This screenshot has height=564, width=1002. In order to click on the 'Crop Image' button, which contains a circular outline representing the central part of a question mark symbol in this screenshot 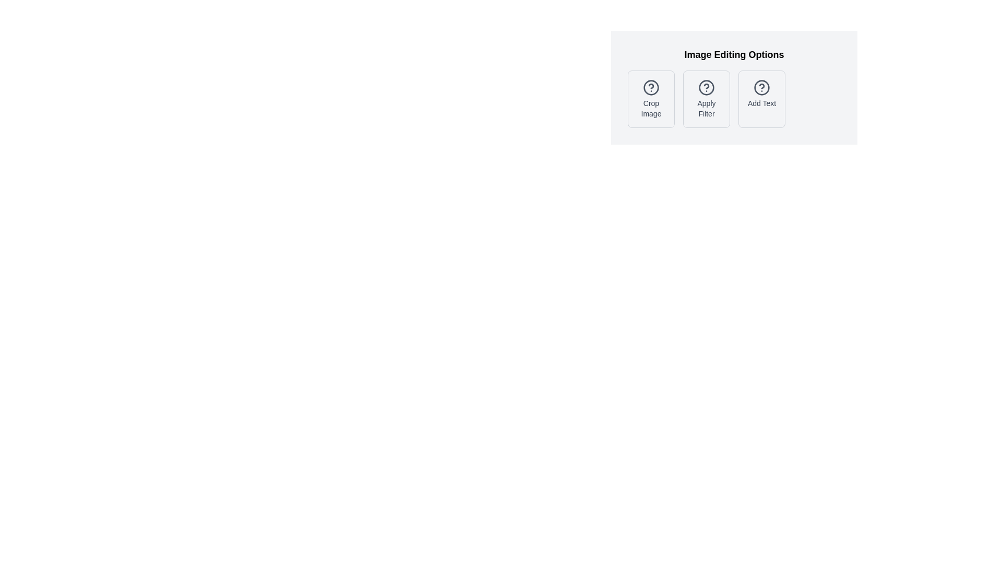, I will do `click(651, 87)`.